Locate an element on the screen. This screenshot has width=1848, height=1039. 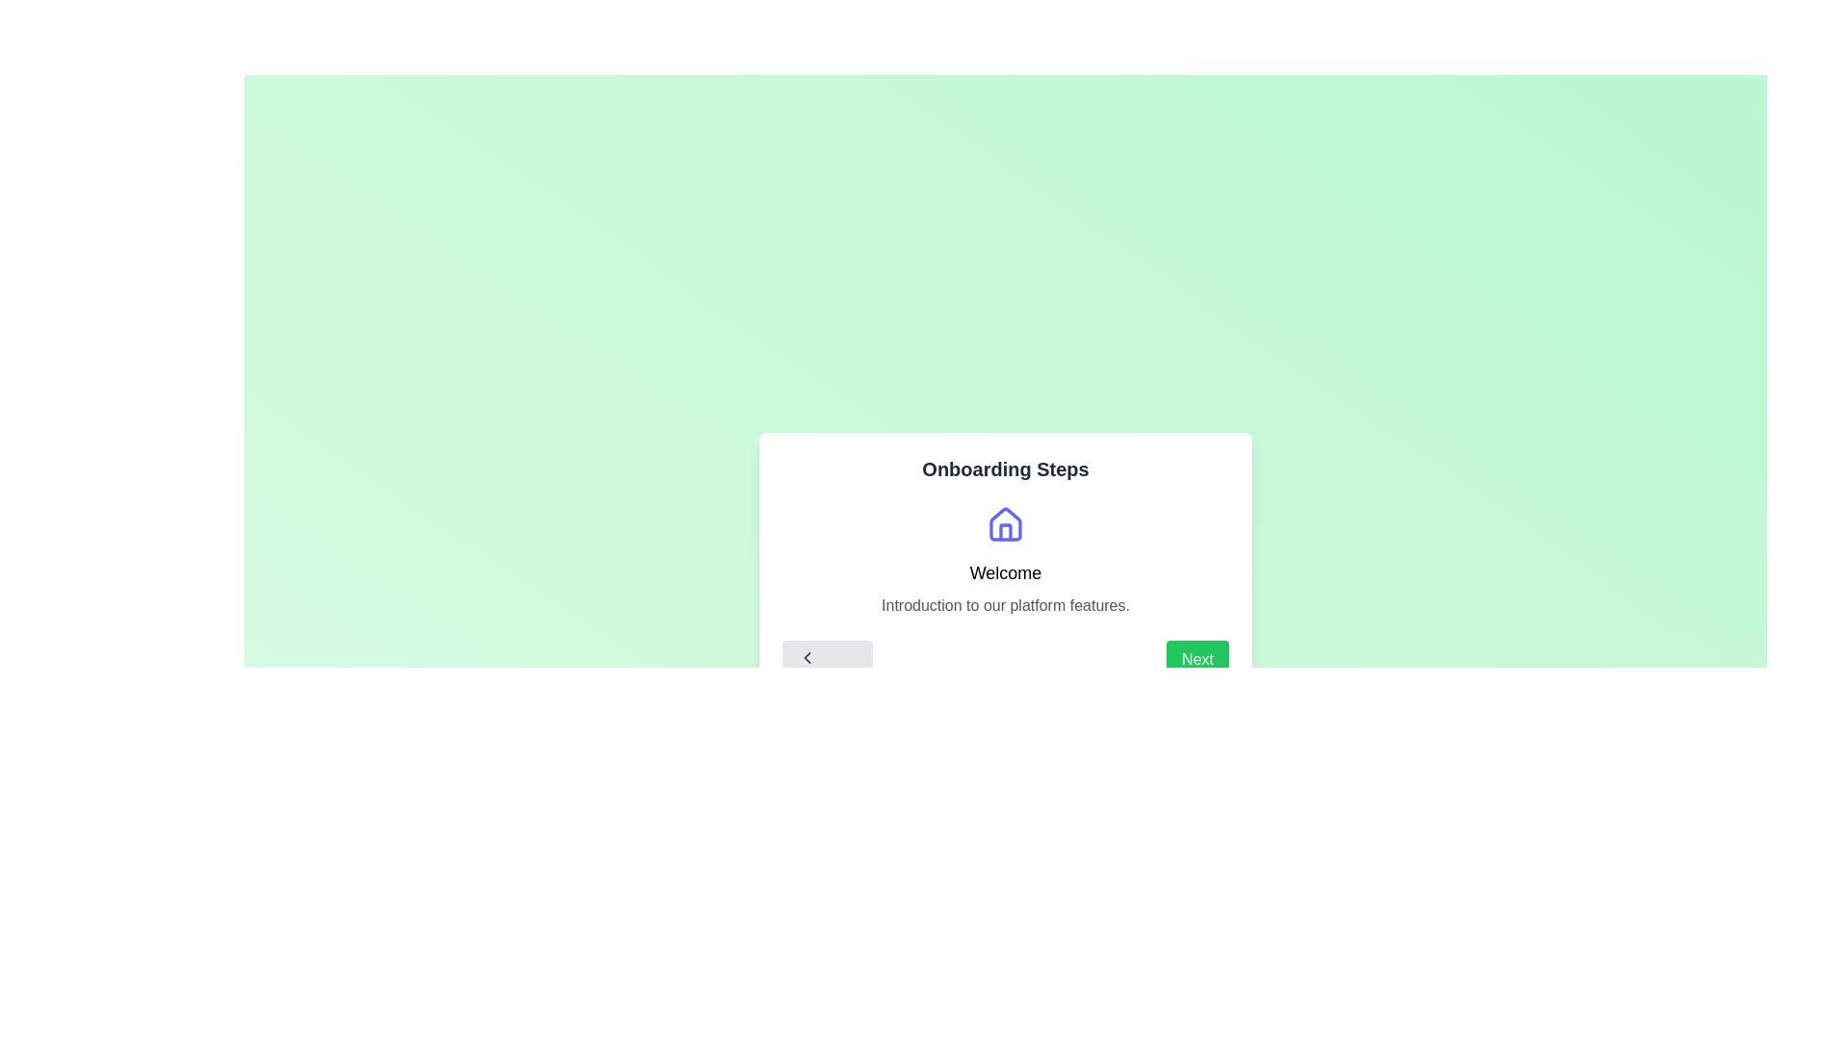
the fourth circular progress indicator at the bottom of the modal dialog, which is currently inactive and part of an onboarding sequence is located at coordinates (1034, 727).